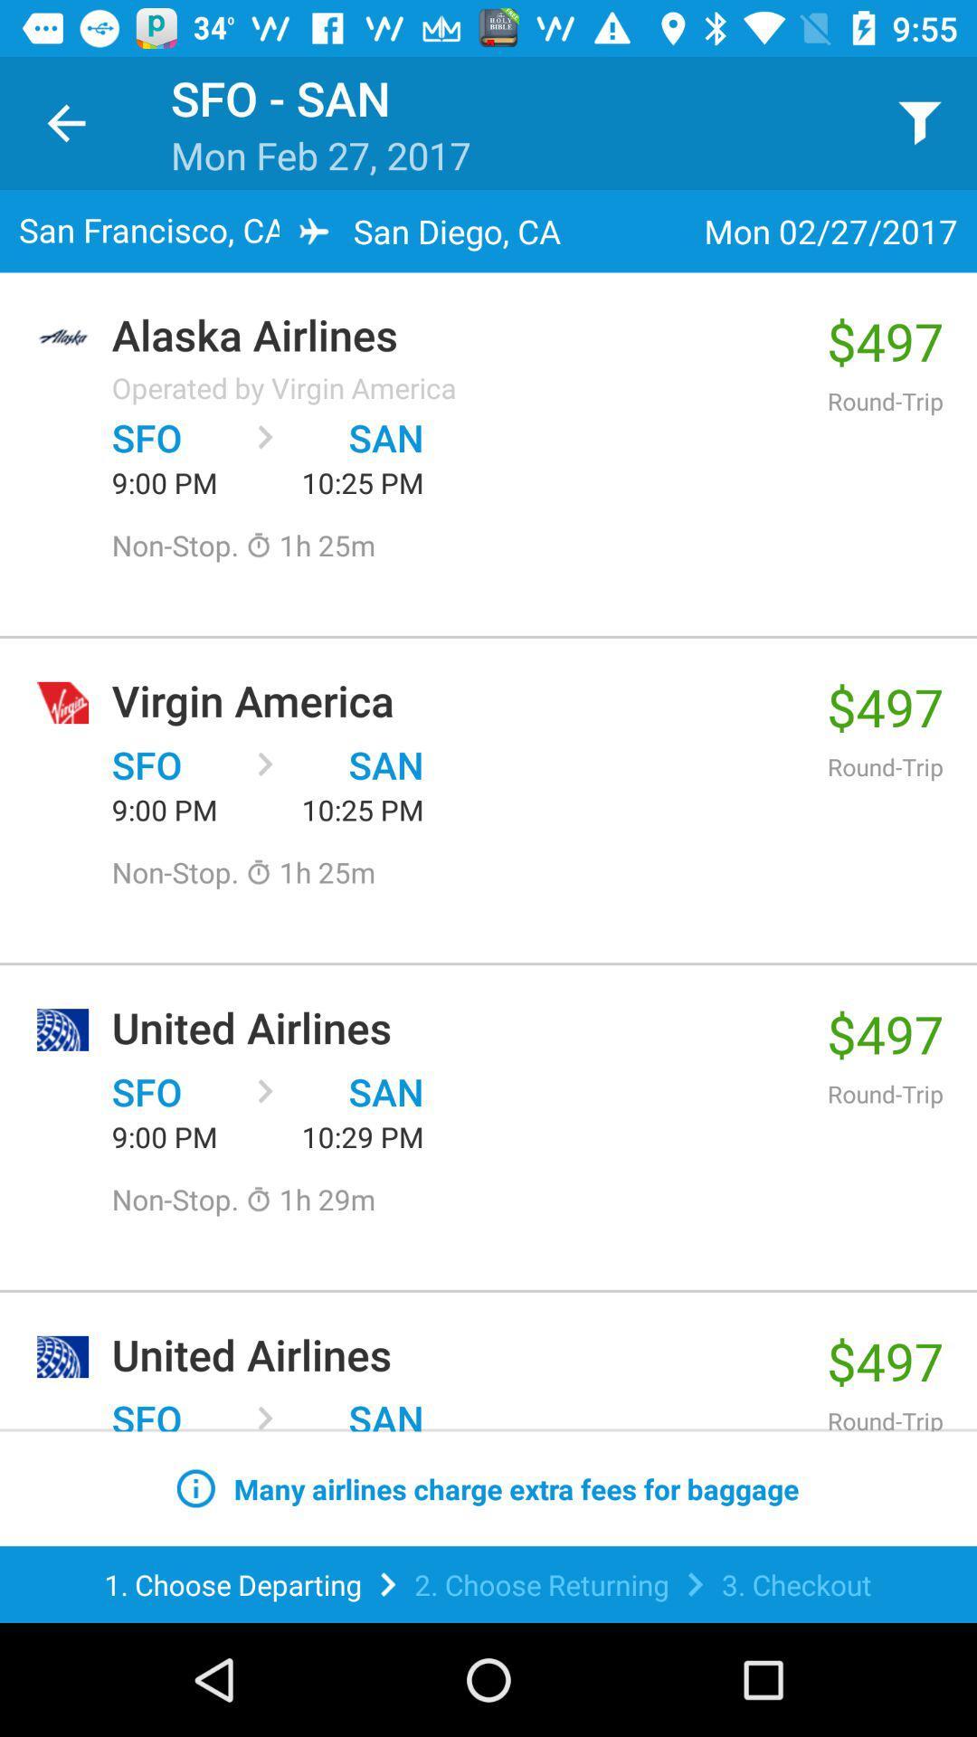 The height and width of the screenshot is (1737, 977). Describe the element at coordinates (459, 335) in the screenshot. I see `the item below san francisco, ca item` at that location.